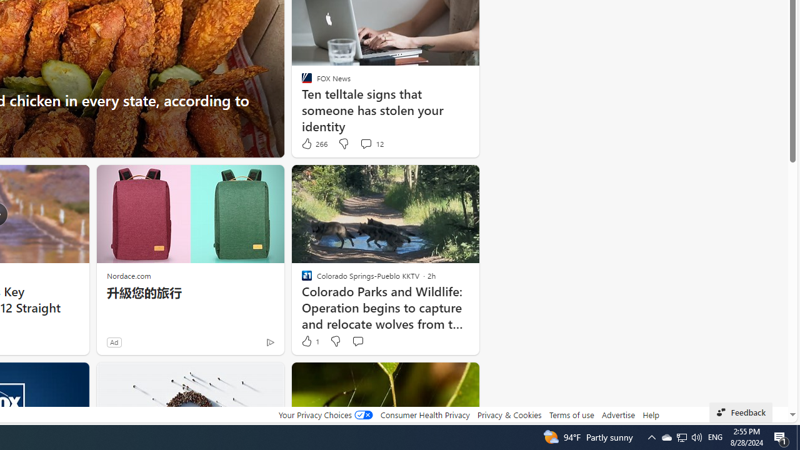 The height and width of the screenshot is (450, 800). What do you see at coordinates (314, 143) in the screenshot?
I see `'266 Like'` at bounding box center [314, 143].